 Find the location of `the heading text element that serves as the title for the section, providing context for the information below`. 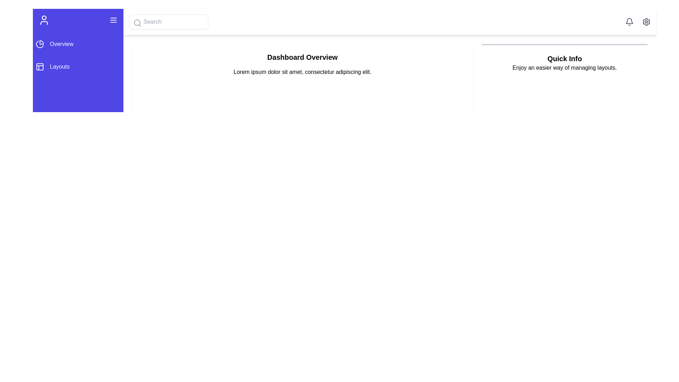

the heading text element that serves as the title for the section, providing context for the information below is located at coordinates (302, 57).